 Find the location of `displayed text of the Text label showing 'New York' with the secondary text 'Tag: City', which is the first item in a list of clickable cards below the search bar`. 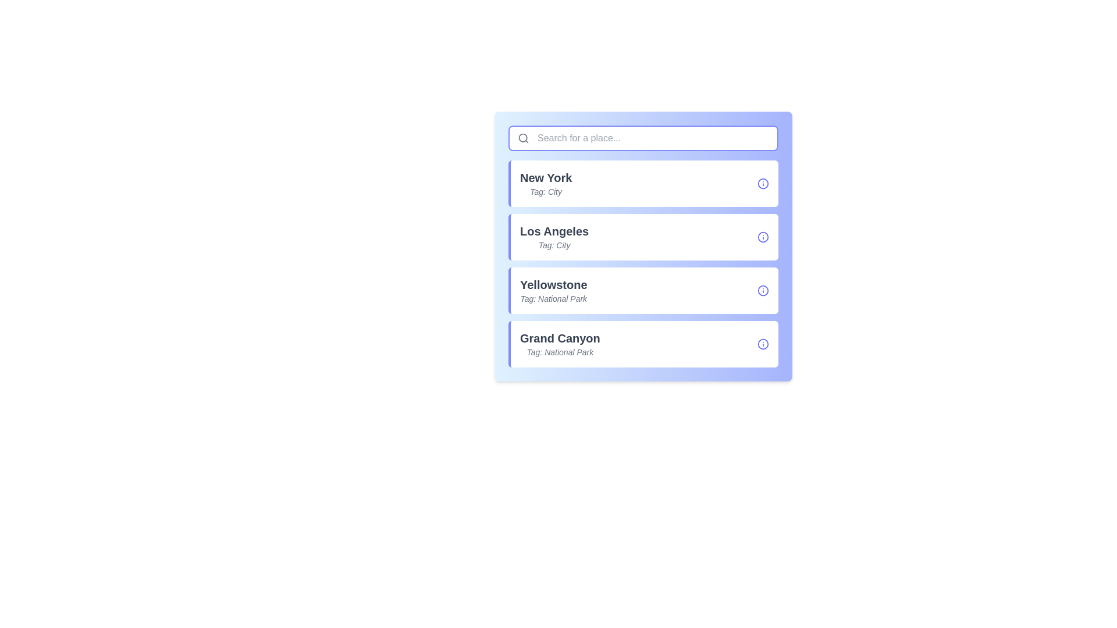

displayed text of the Text label showing 'New York' with the secondary text 'Tag: City', which is the first item in a list of clickable cards below the search bar is located at coordinates (545, 183).